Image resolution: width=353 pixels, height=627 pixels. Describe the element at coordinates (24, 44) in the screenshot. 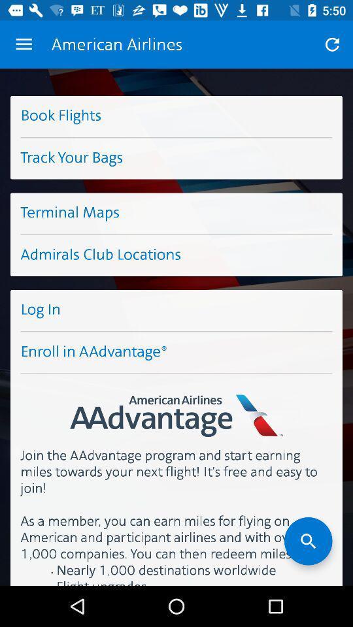

I see `app to the left of american airlines icon` at that location.